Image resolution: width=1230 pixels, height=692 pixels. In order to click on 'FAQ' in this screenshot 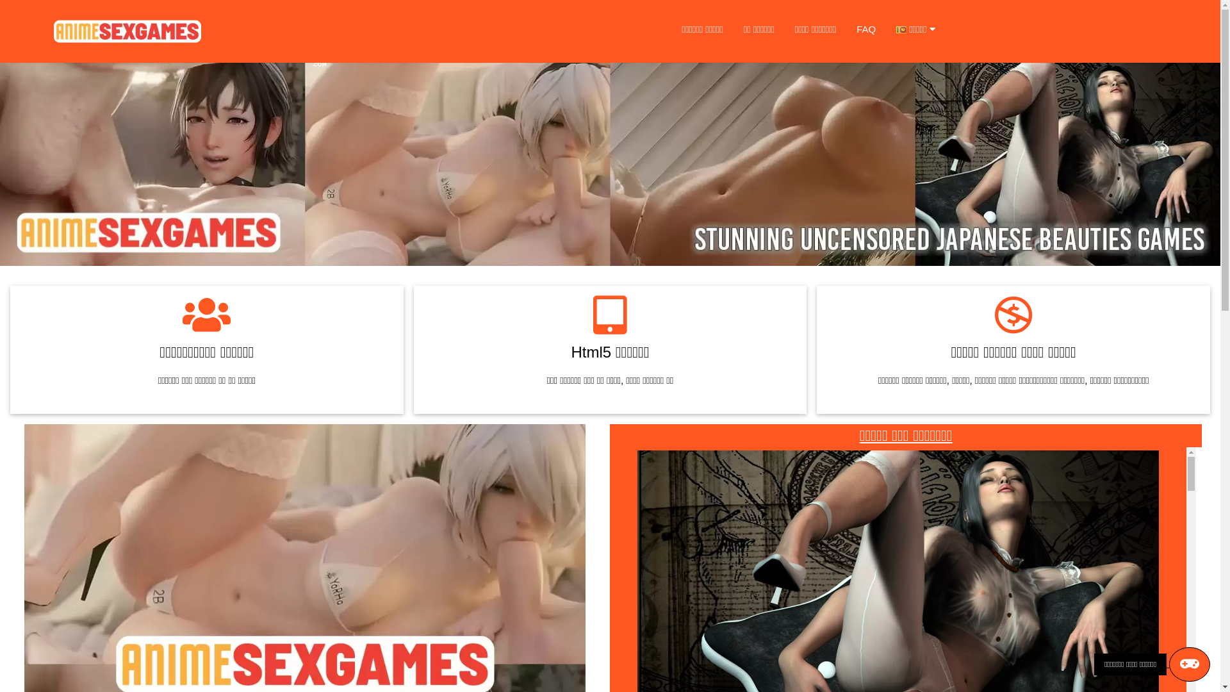, I will do `click(846, 29)`.